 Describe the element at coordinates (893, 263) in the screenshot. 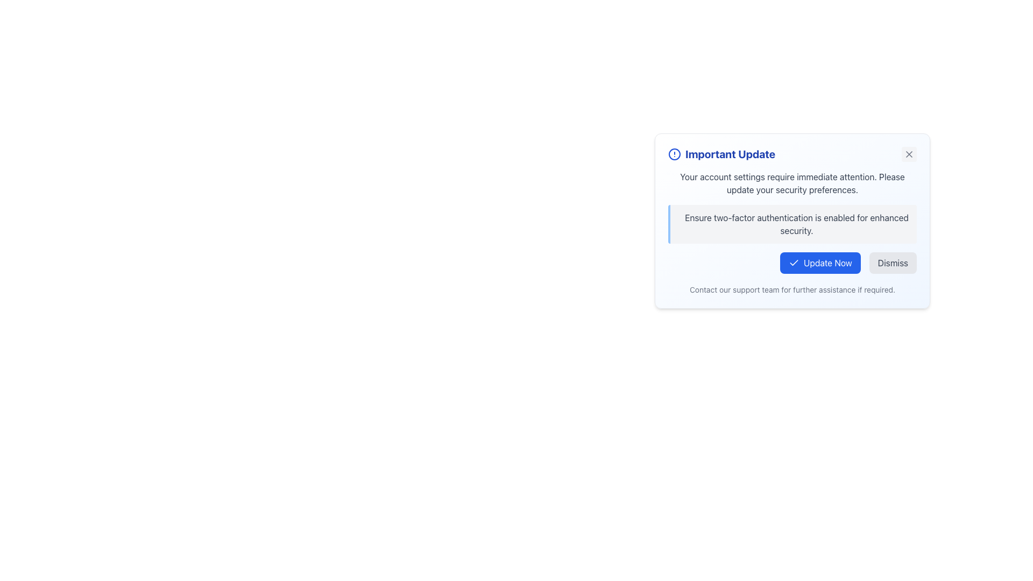

I see `the farthest-right button in the notification panel` at that location.